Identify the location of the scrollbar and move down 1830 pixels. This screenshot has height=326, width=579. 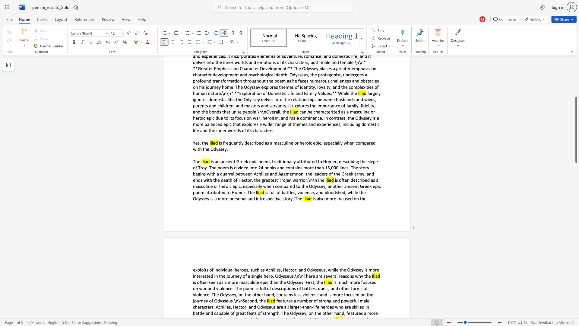
(576, 129).